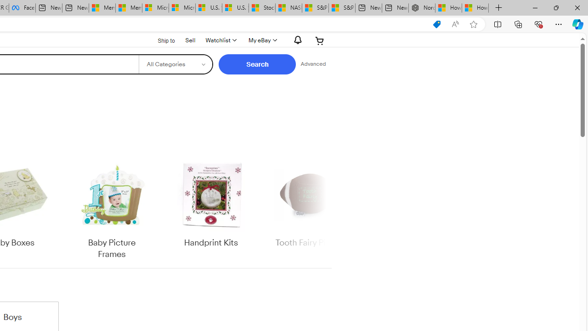  What do you see at coordinates (313, 64) in the screenshot?
I see `'Advanced Search'` at bounding box center [313, 64].